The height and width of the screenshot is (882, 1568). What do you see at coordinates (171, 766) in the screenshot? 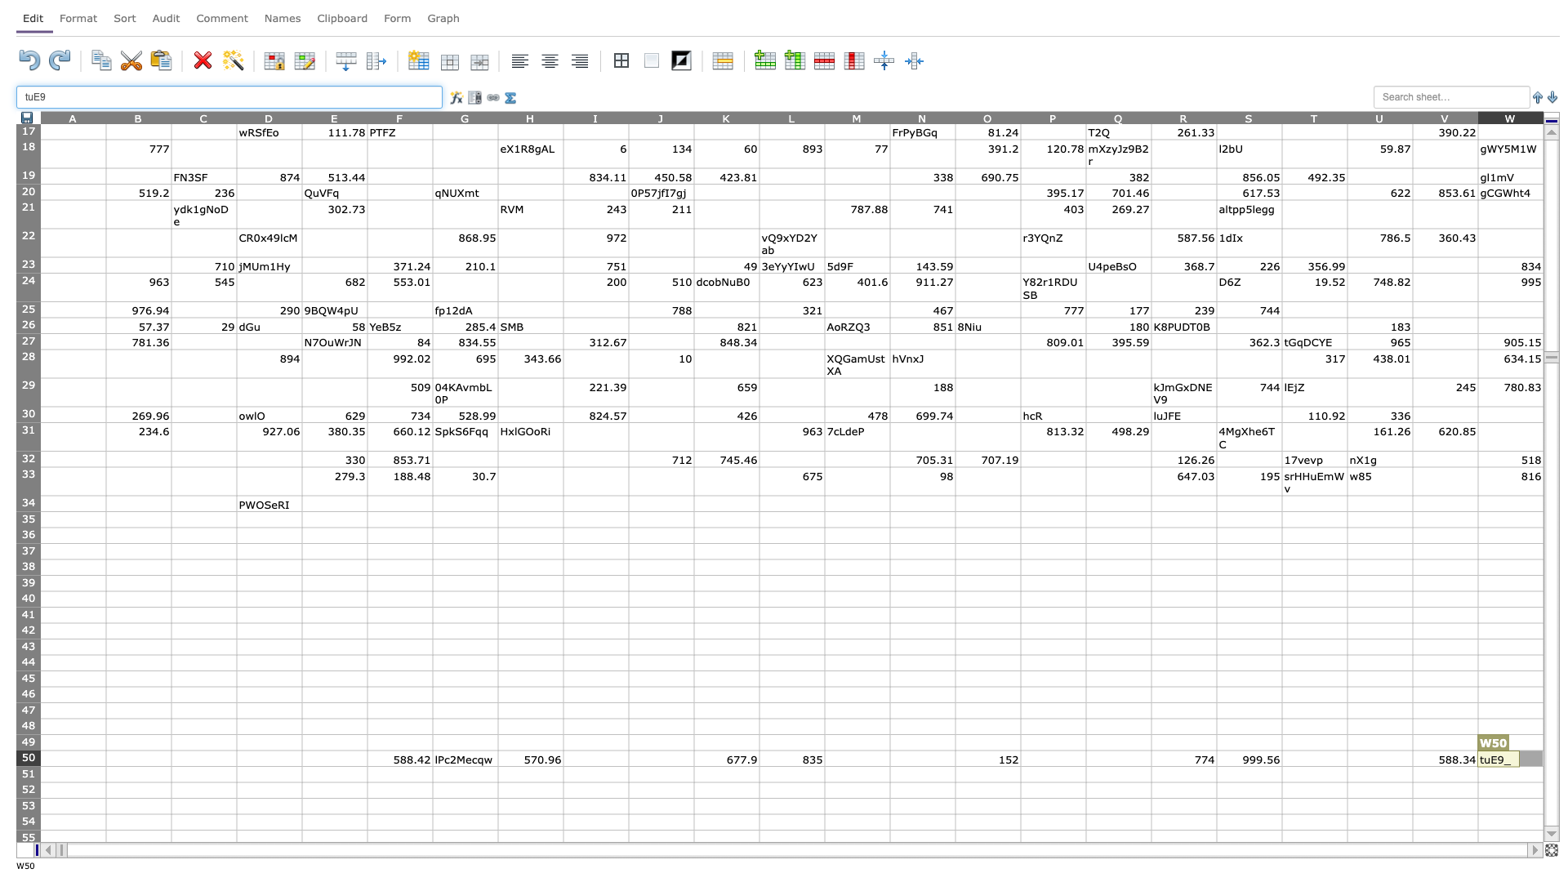
I see `top left corner of C51` at bounding box center [171, 766].